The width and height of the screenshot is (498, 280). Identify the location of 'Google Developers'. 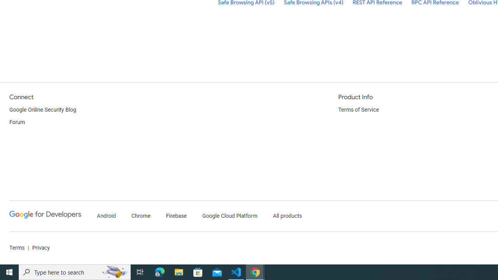
(45, 214).